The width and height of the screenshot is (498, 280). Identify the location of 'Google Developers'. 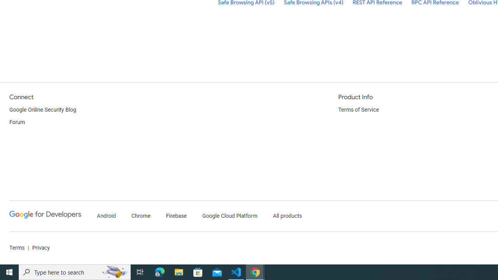
(45, 214).